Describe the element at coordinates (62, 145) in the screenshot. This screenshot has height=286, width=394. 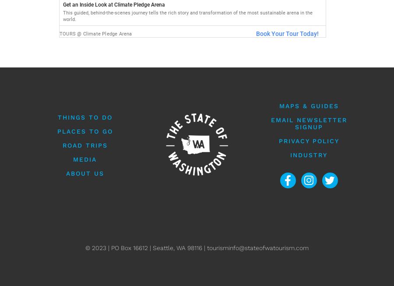
I see `'Road Trips'` at that location.